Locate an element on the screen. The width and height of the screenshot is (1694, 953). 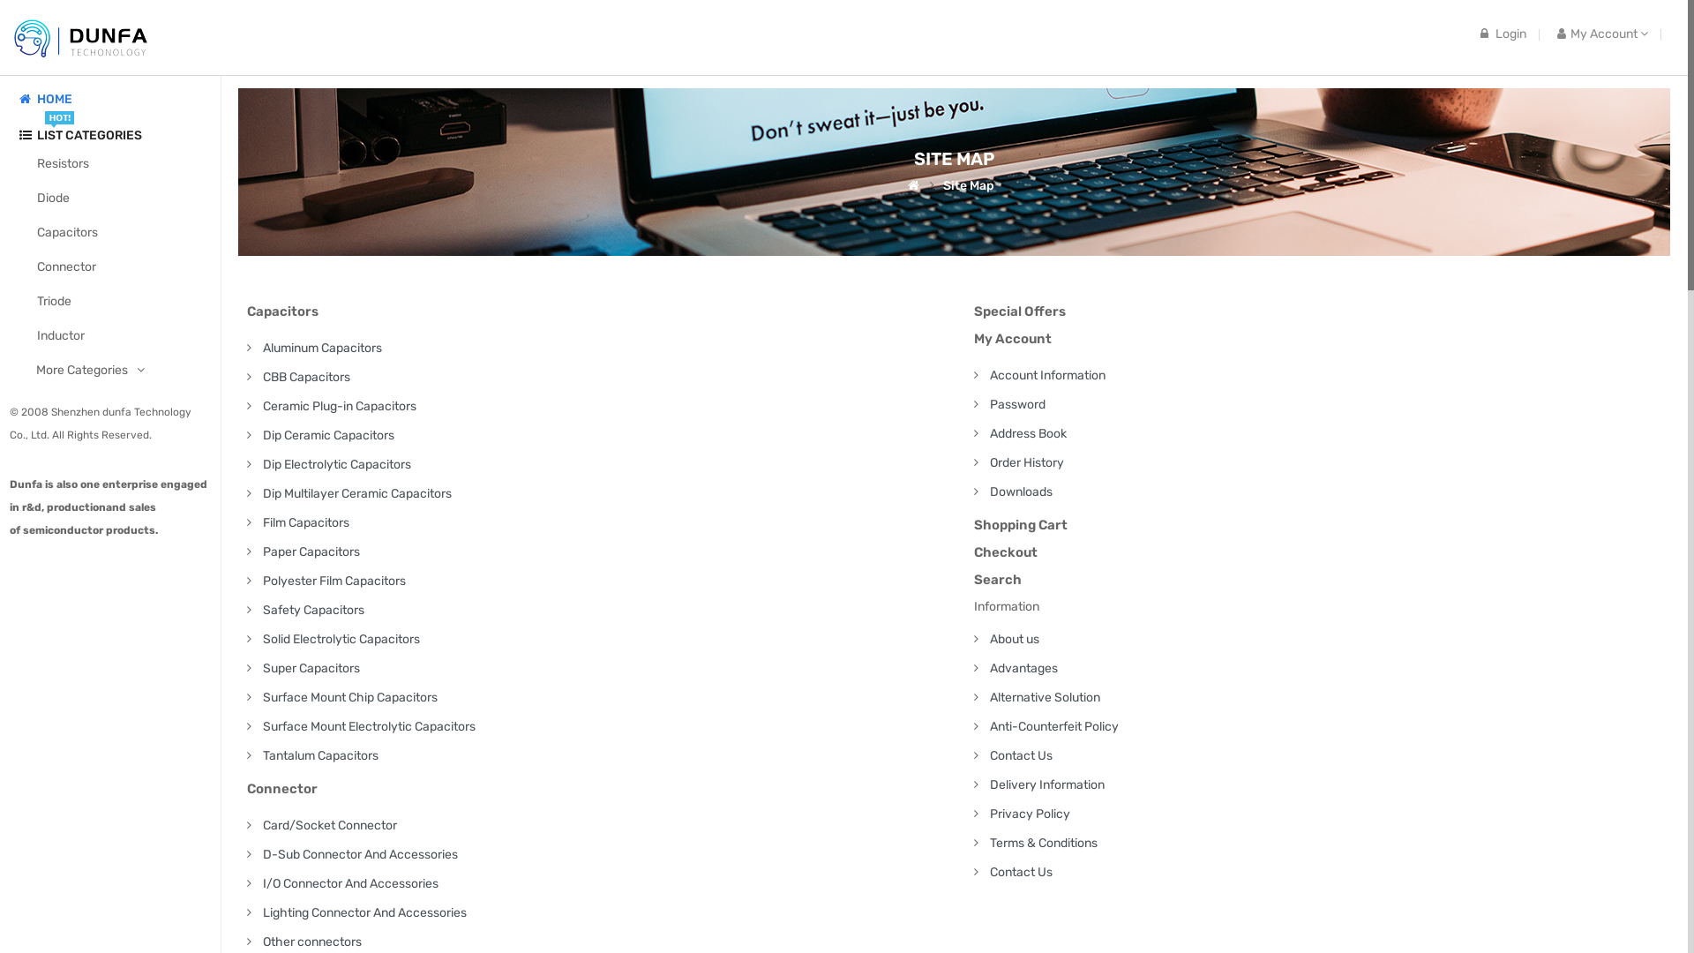
'Rapidtronics' is located at coordinates (12, 37).